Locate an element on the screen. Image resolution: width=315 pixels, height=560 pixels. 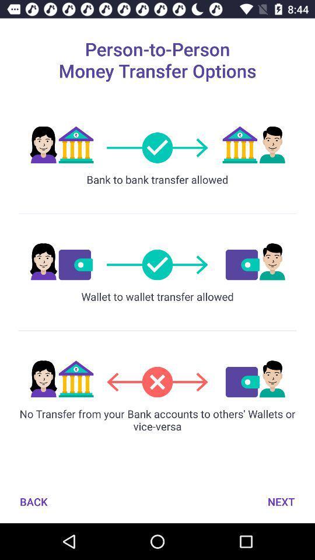
the next button which is on the bottom right of the page is located at coordinates (281, 501).